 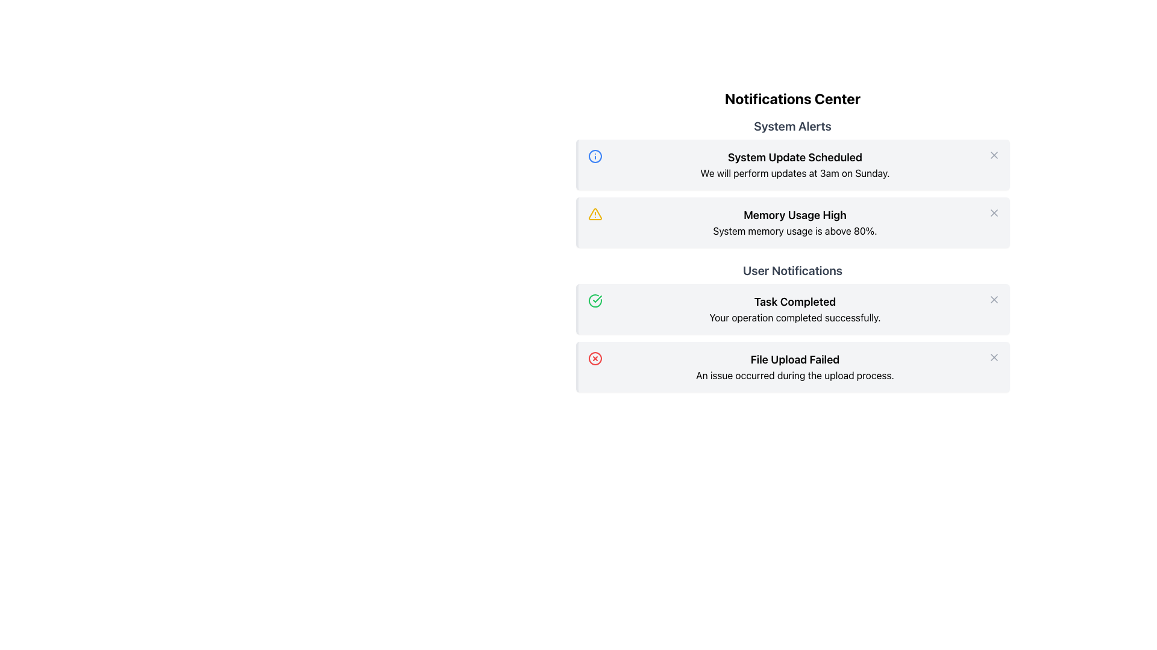 What do you see at coordinates (795, 215) in the screenshot?
I see `the Text Label that serves as a title for high memory usage notifications, located under 'System Alerts' and second in the list` at bounding box center [795, 215].